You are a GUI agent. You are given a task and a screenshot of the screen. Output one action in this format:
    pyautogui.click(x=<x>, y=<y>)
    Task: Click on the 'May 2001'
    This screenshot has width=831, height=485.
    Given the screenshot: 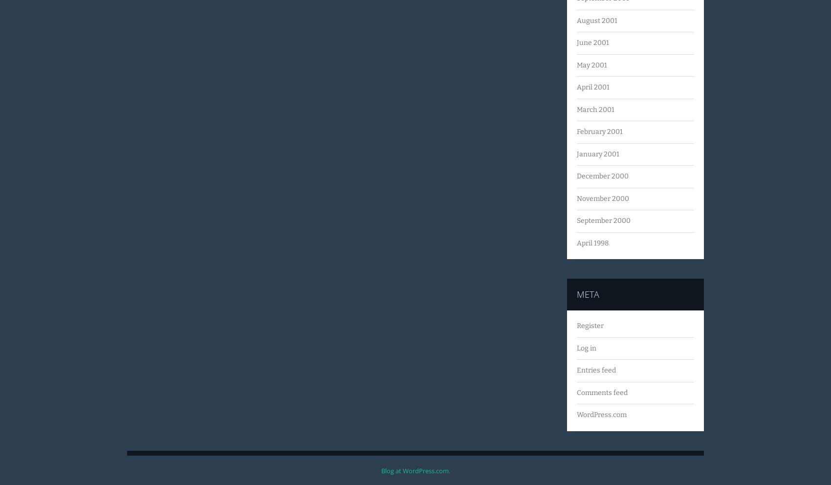 What is the action you would take?
    pyautogui.click(x=591, y=65)
    